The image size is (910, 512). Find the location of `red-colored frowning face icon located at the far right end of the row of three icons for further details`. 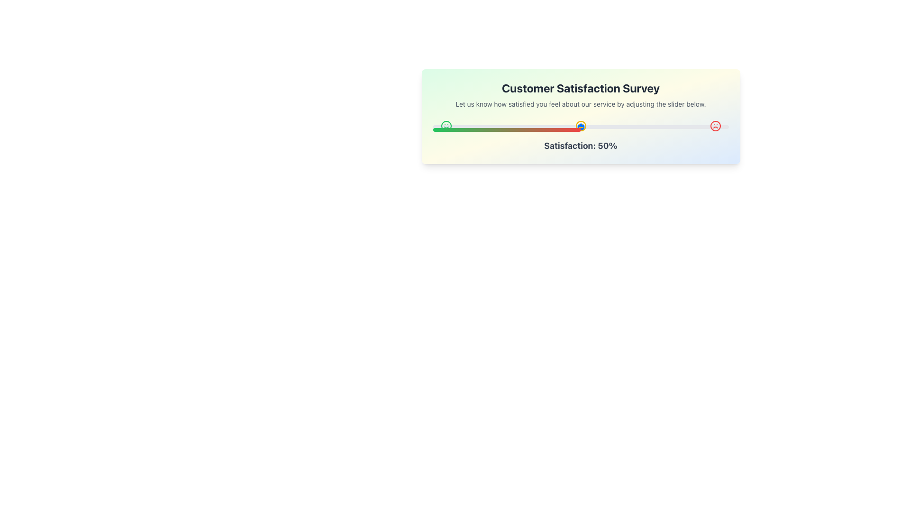

red-colored frowning face icon located at the far right end of the row of three icons for further details is located at coordinates (715, 126).